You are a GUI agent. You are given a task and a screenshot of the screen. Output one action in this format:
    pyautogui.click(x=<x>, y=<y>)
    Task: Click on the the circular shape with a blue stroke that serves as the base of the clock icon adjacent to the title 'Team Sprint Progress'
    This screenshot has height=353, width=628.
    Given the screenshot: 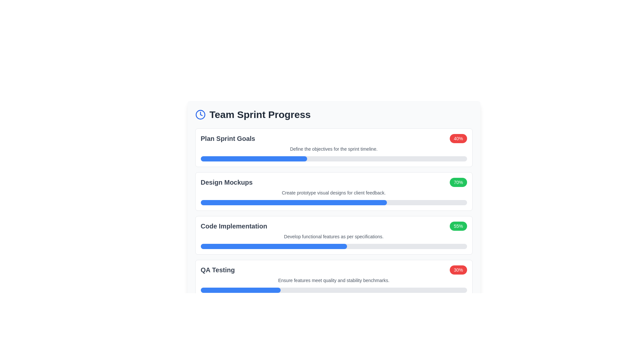 What is the action you would take?
    pyautogui.click(x=200, y=114)
    